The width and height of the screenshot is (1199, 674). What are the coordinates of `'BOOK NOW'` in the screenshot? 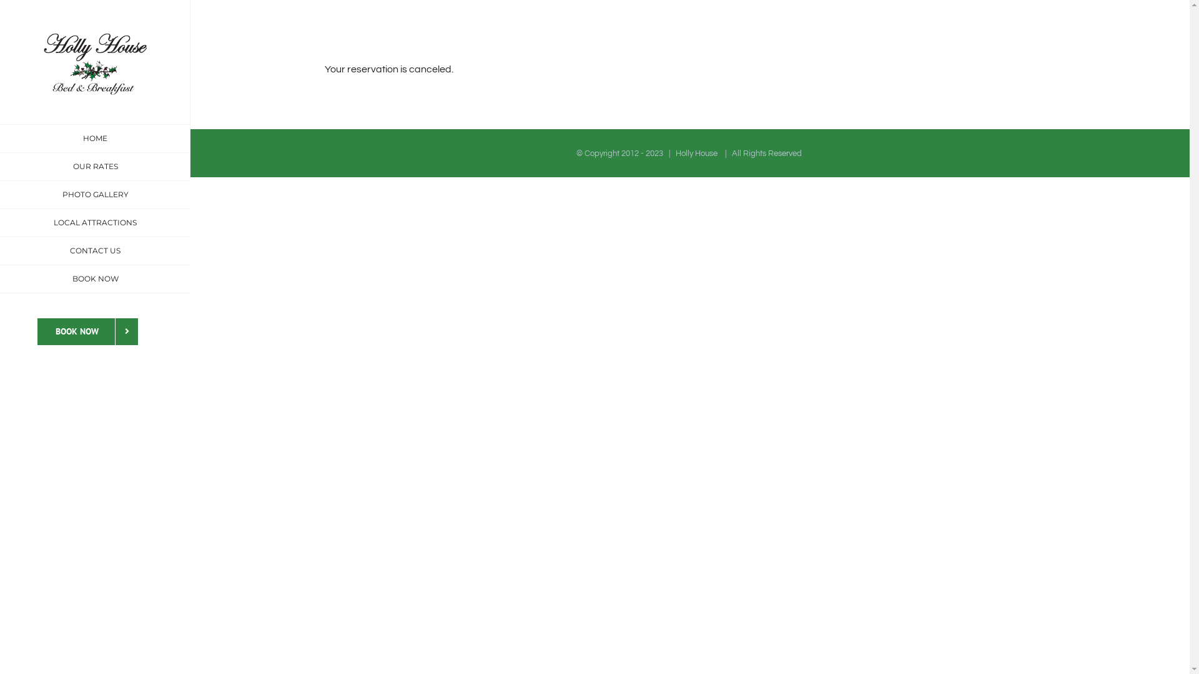 It's located at (94, 278).